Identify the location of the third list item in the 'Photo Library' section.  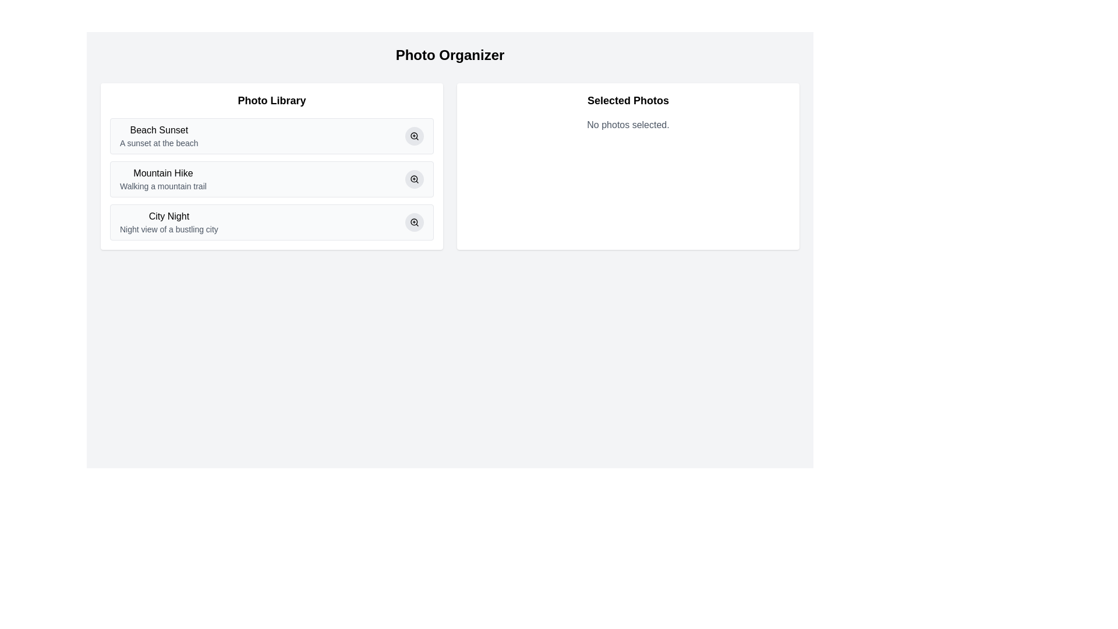
(168, 222).